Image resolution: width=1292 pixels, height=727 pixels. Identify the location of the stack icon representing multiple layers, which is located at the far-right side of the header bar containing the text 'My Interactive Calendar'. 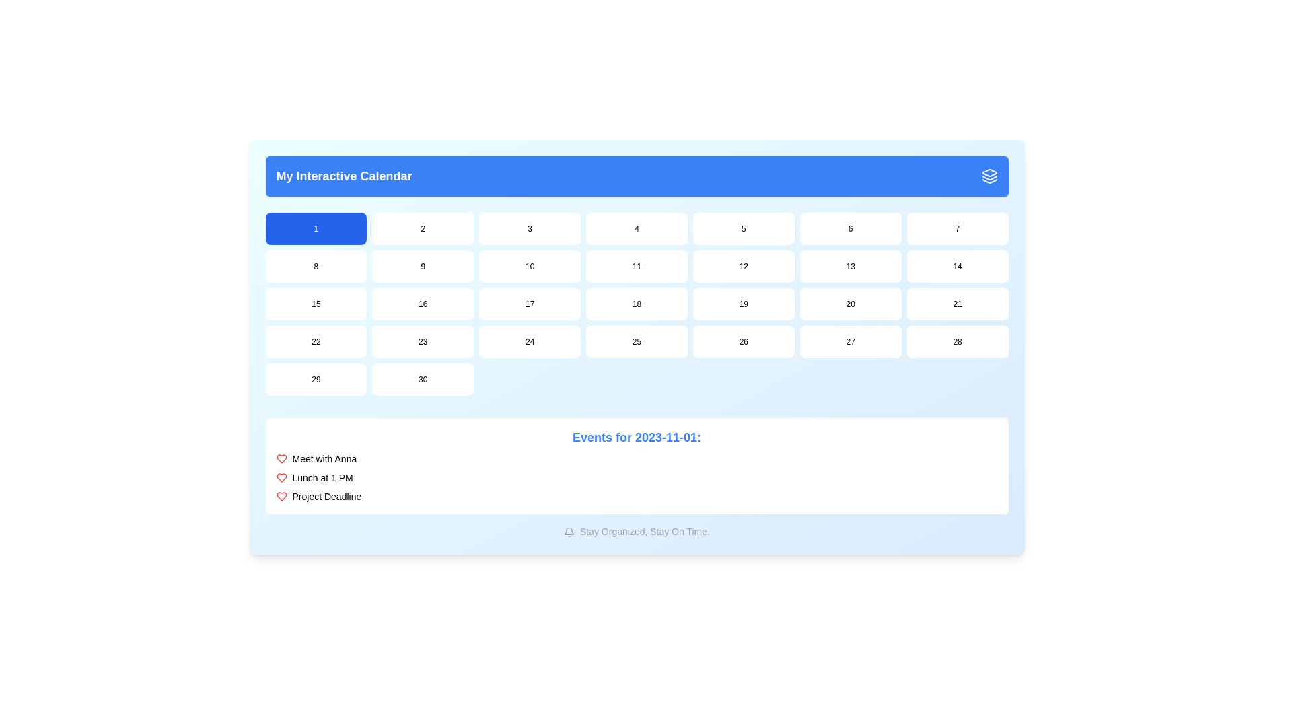
(989, 176).